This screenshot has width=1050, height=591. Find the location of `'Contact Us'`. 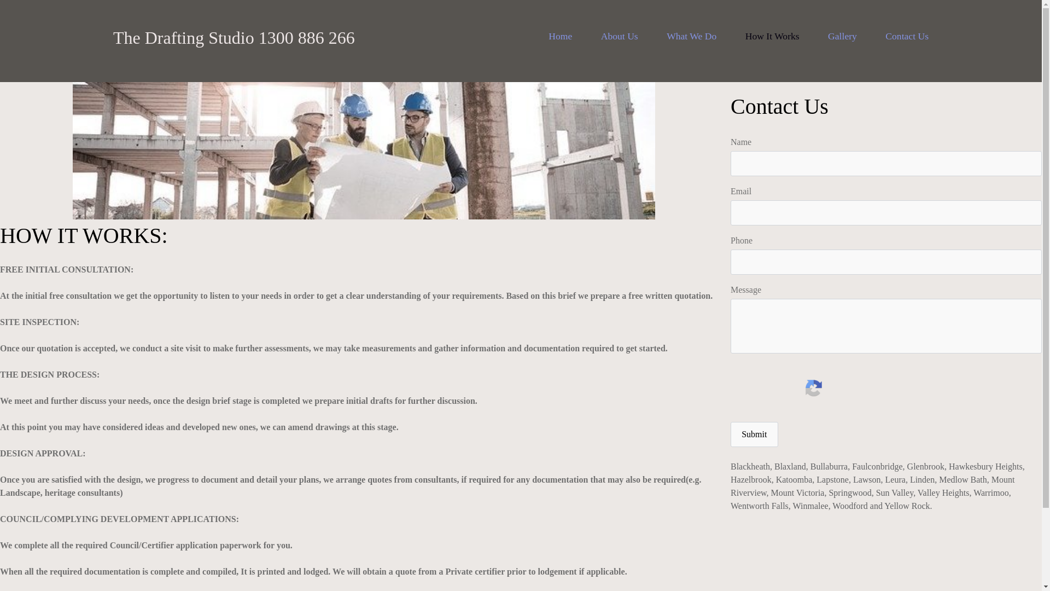

'Contact Us' is located at coordinates (907, 35).